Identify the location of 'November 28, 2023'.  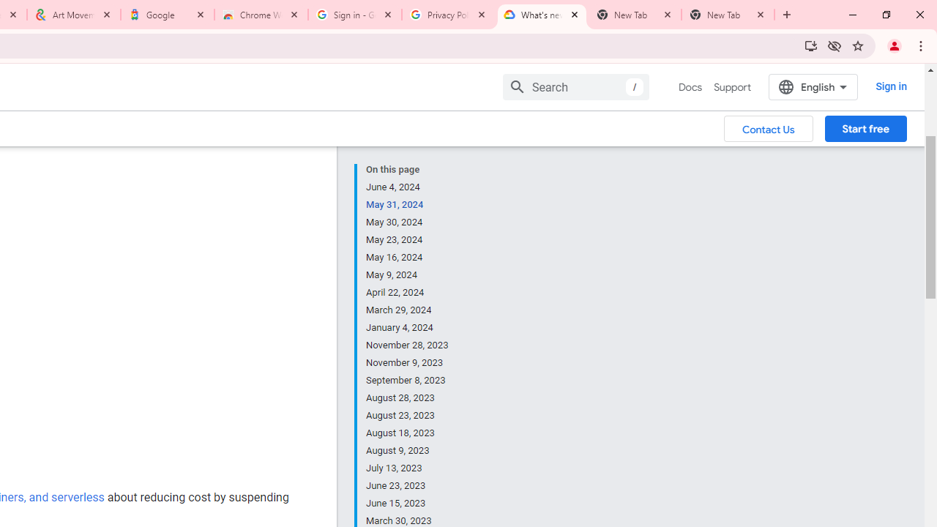
(408, 345).